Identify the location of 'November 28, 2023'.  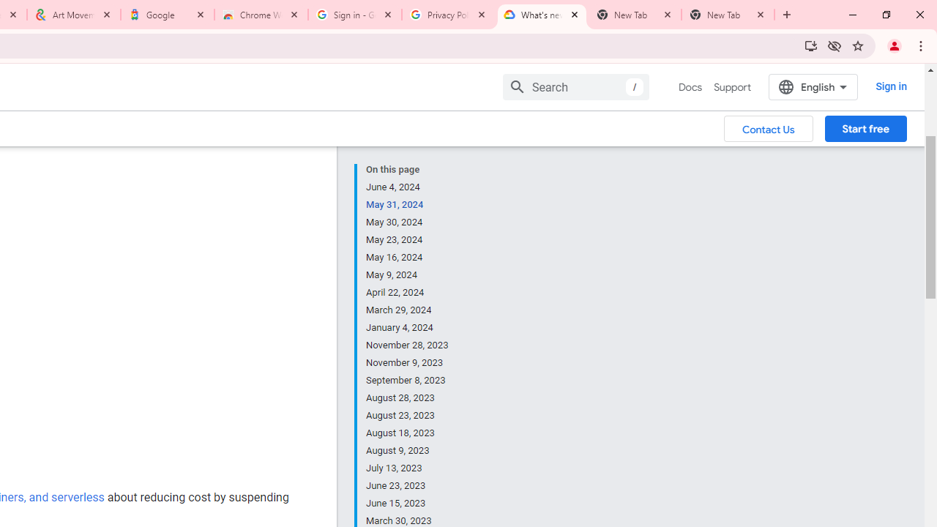
(408, 345).